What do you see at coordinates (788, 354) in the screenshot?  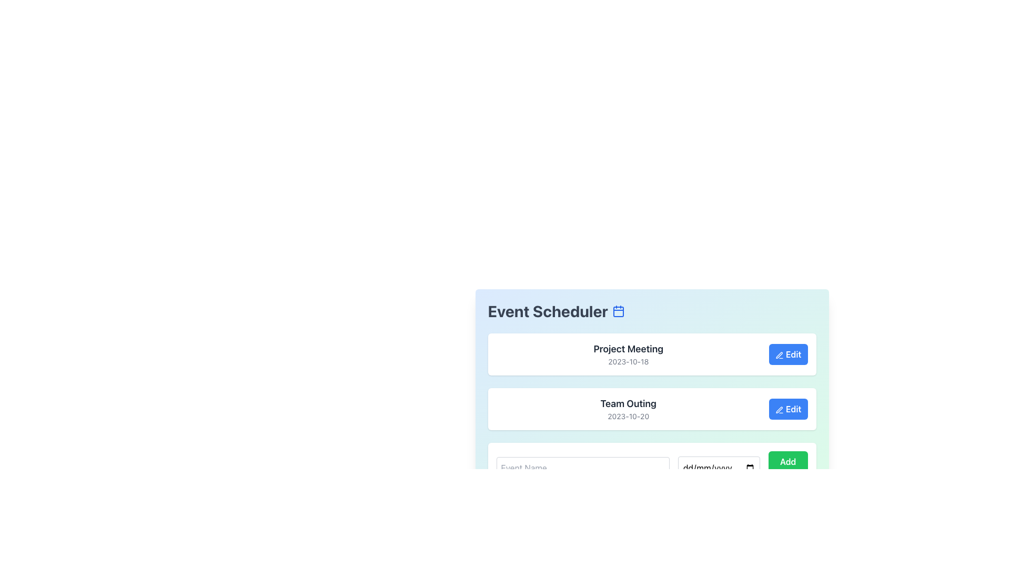 I see `the 'Edit' button with a blue background and white text, located on the far right of the 'Project Meeting' panel` at bounding box center [788, 354].